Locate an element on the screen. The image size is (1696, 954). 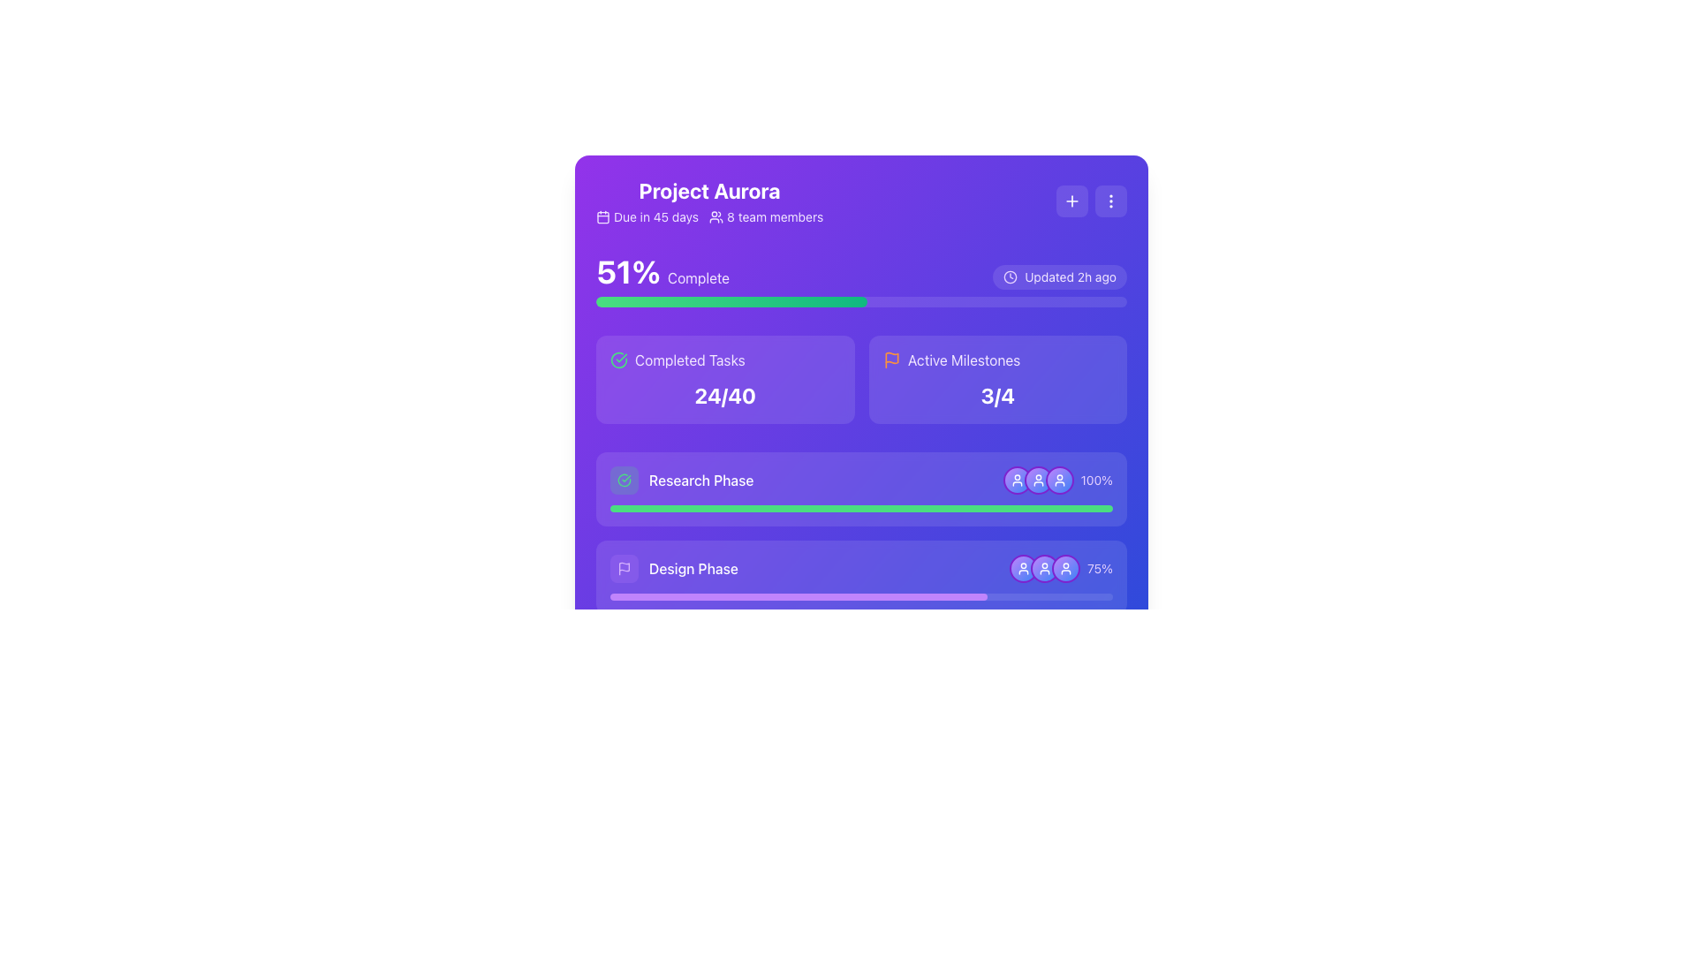
the user profile icon, which is characterized by a circular head and a semi-circular body outline, located in the top-right corner of the interface is located at coordinates (1017, 480).